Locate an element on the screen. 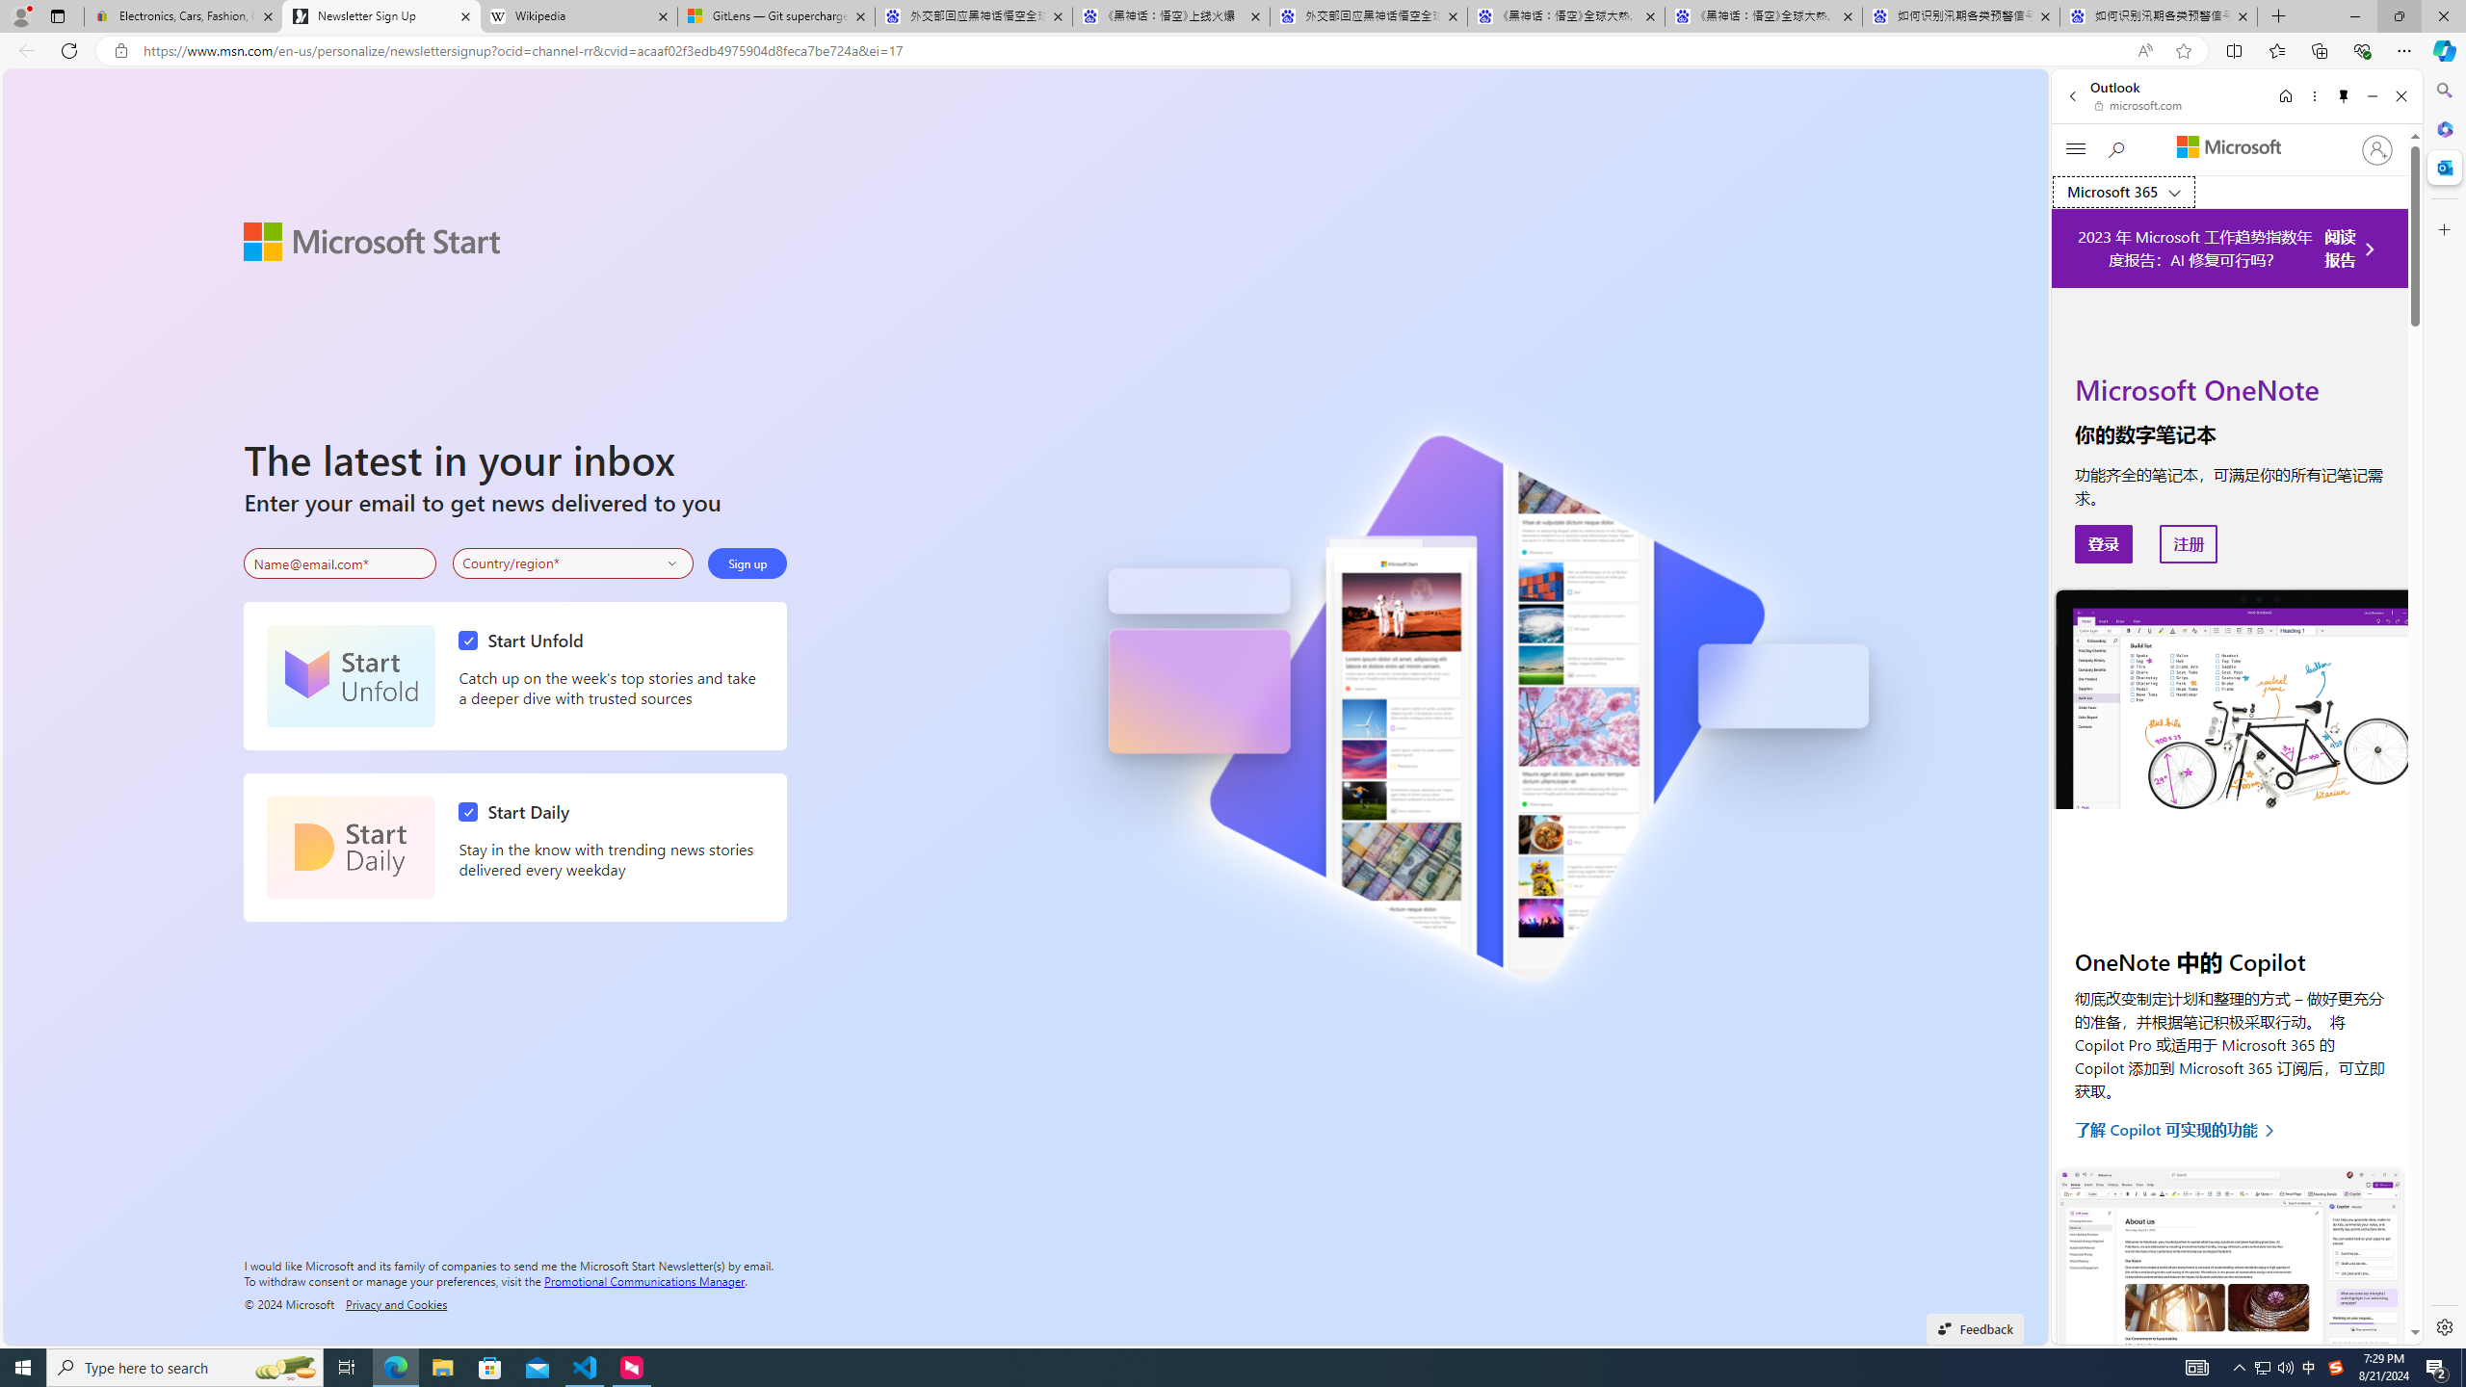 Image resolution: width=2466 pixels, height=1387 pixels. 'Unpin side pane' is located at coordinates (2344, 95).